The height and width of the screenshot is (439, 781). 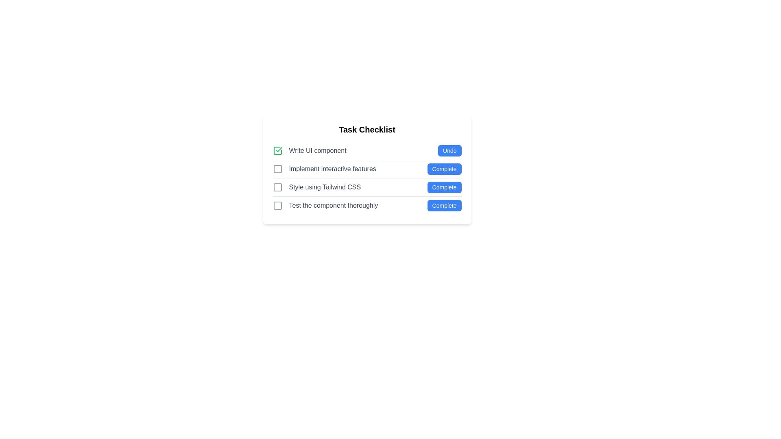 I want to click on the green checkmark icon, which is styled as a confirmation indicator and located at the leftmost side of the row for the 'Write UI component' task in the checklist, to understand the task status, so click(x=277, y=150).